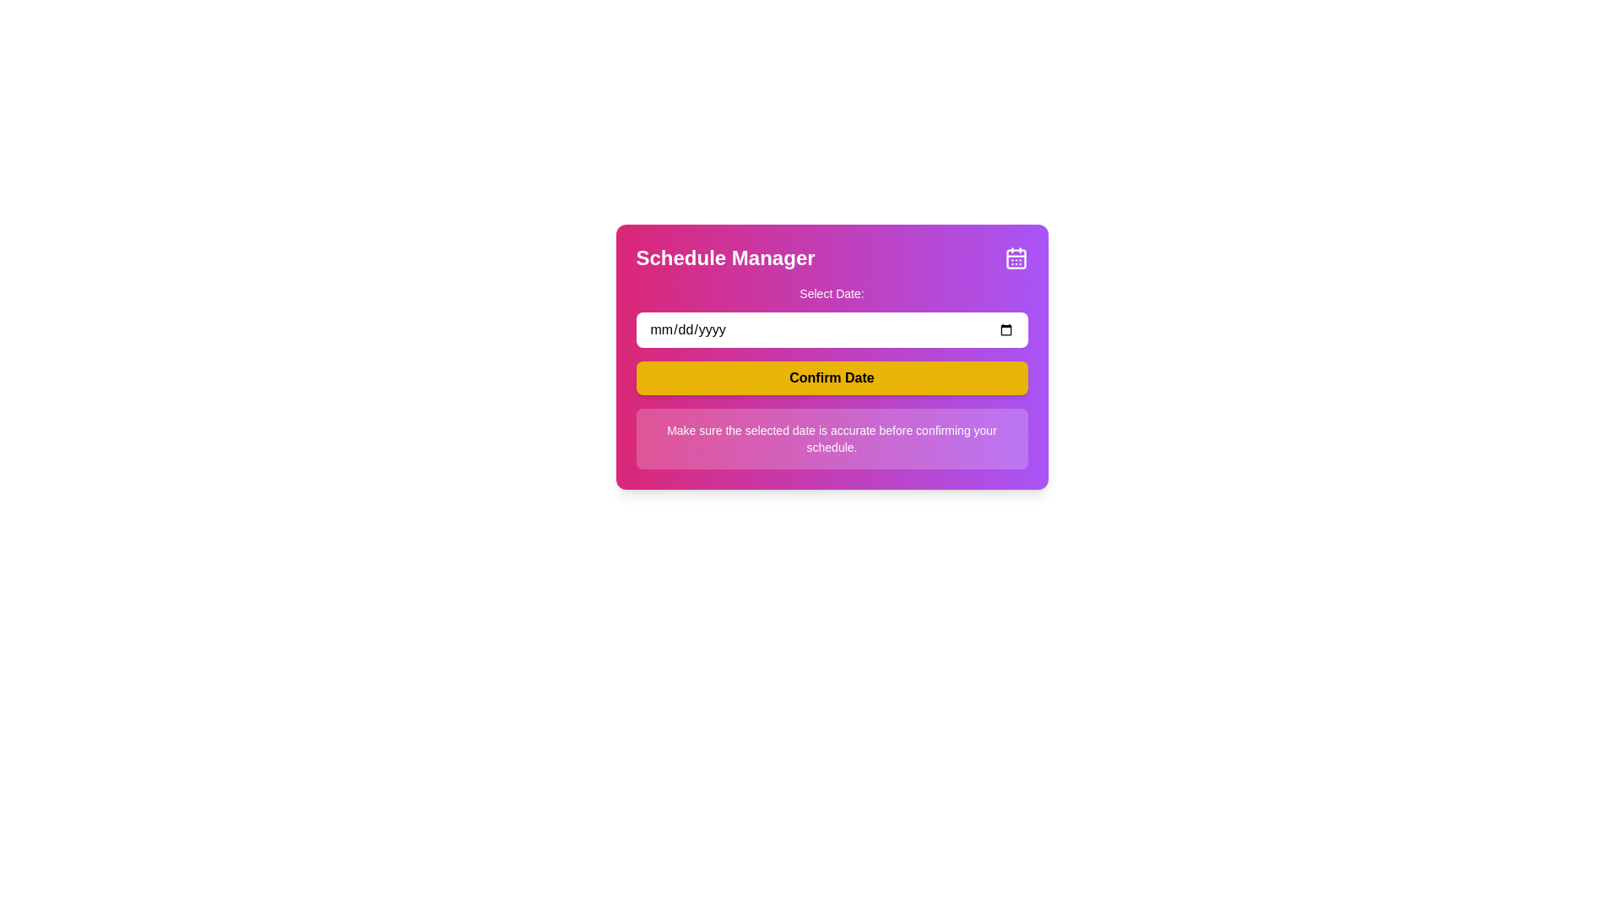 The height and width of the screenshot is (912, 1621). Describe the element at coordinates (832, 377) in the screenshot. I see `the 'Confirm Date' button located centrally within the card layout to confirm the selected date` at that location.